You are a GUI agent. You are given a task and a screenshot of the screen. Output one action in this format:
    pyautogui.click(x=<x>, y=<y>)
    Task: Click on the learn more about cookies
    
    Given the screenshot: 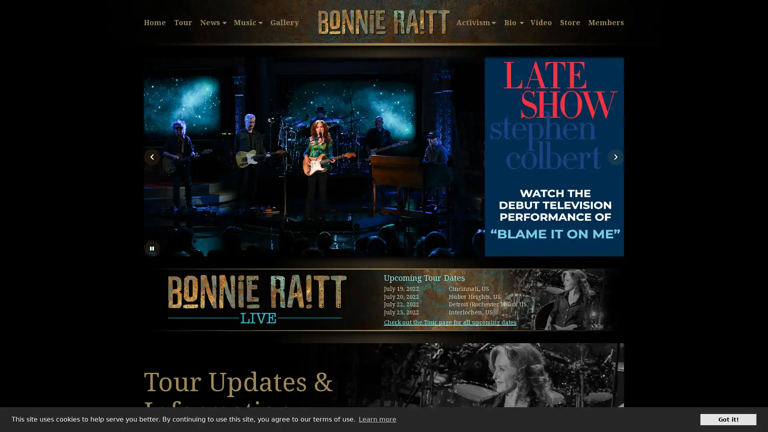 What is the action you would take?
    pyautogui.click(x=377, y=419)
    